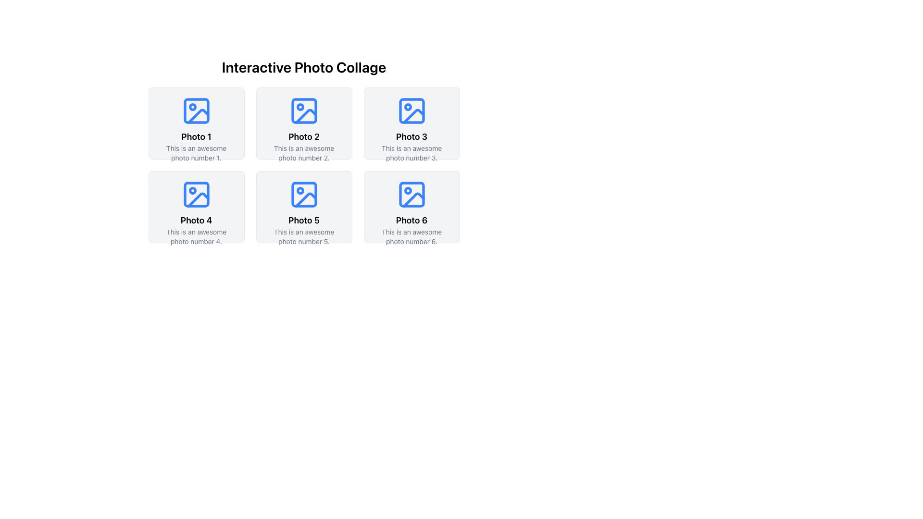 The image size is (923, 519). Describe the element at coordinates (196, 237) in the screenshot. I see `the text block styled in a smaller gray font that contains the string 'This is an awesome photo number 4.' located below 'Photo 4'` at that location.